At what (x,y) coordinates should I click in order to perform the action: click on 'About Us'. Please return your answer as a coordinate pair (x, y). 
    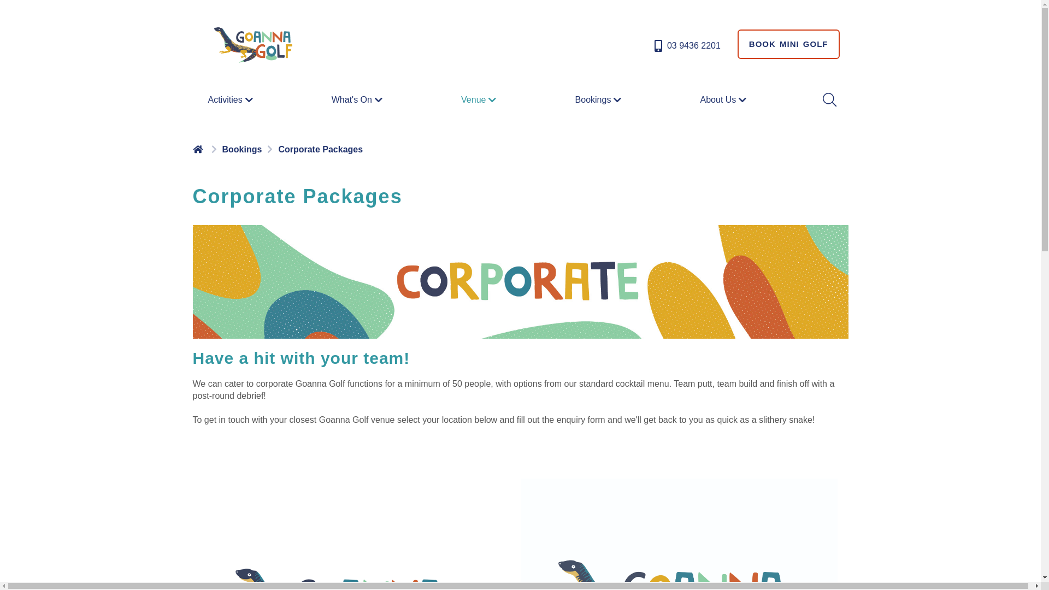
    Looking at the image, I should click on (724, 99).